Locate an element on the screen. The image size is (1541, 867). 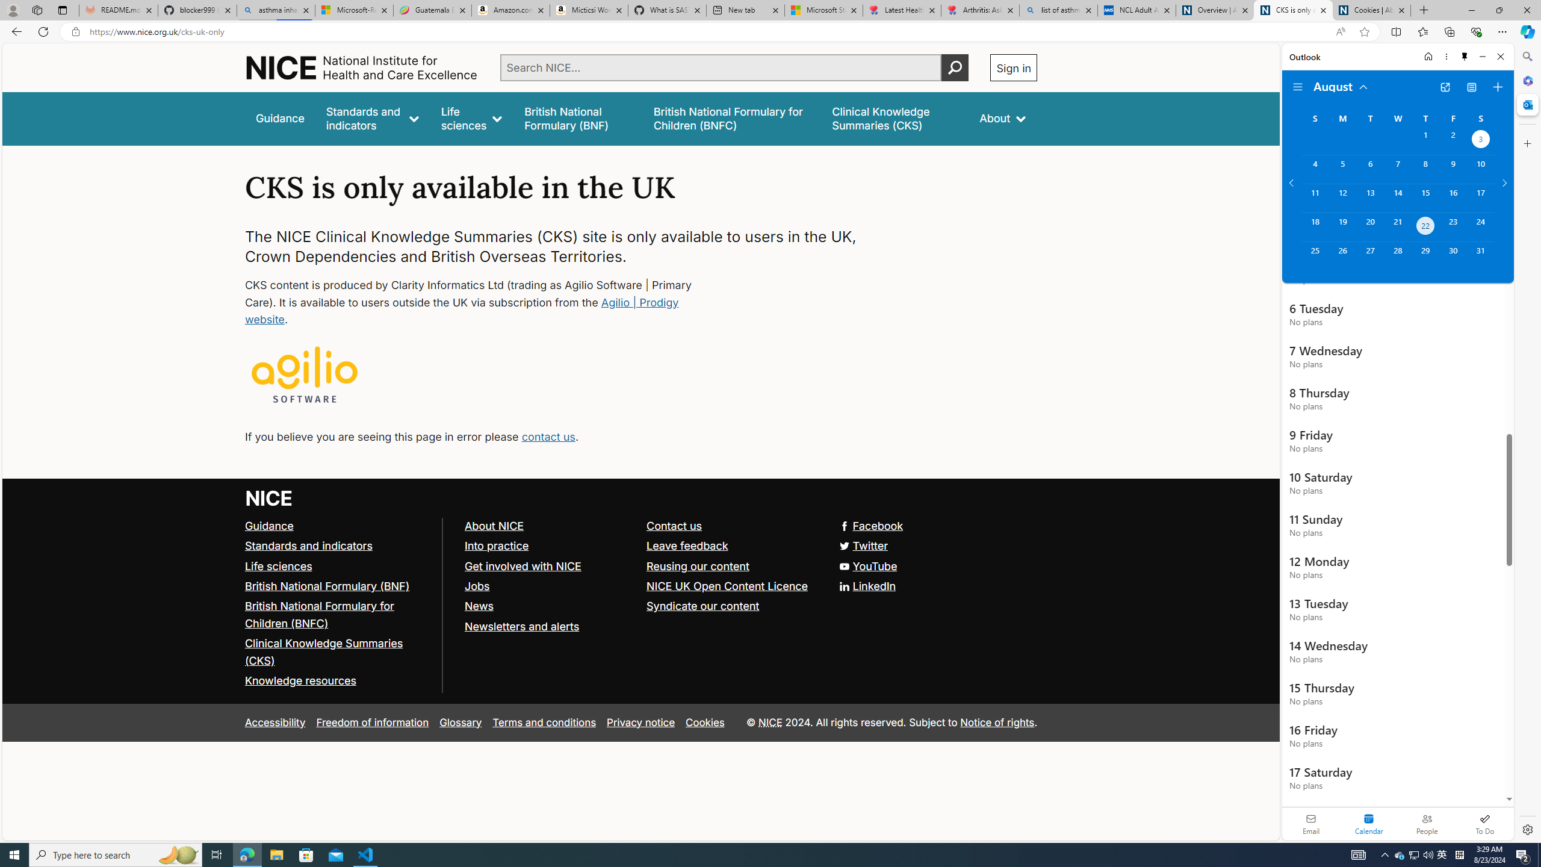
'Wednesday, August 21, 2024. ' is located at coordinates (1397, 226).